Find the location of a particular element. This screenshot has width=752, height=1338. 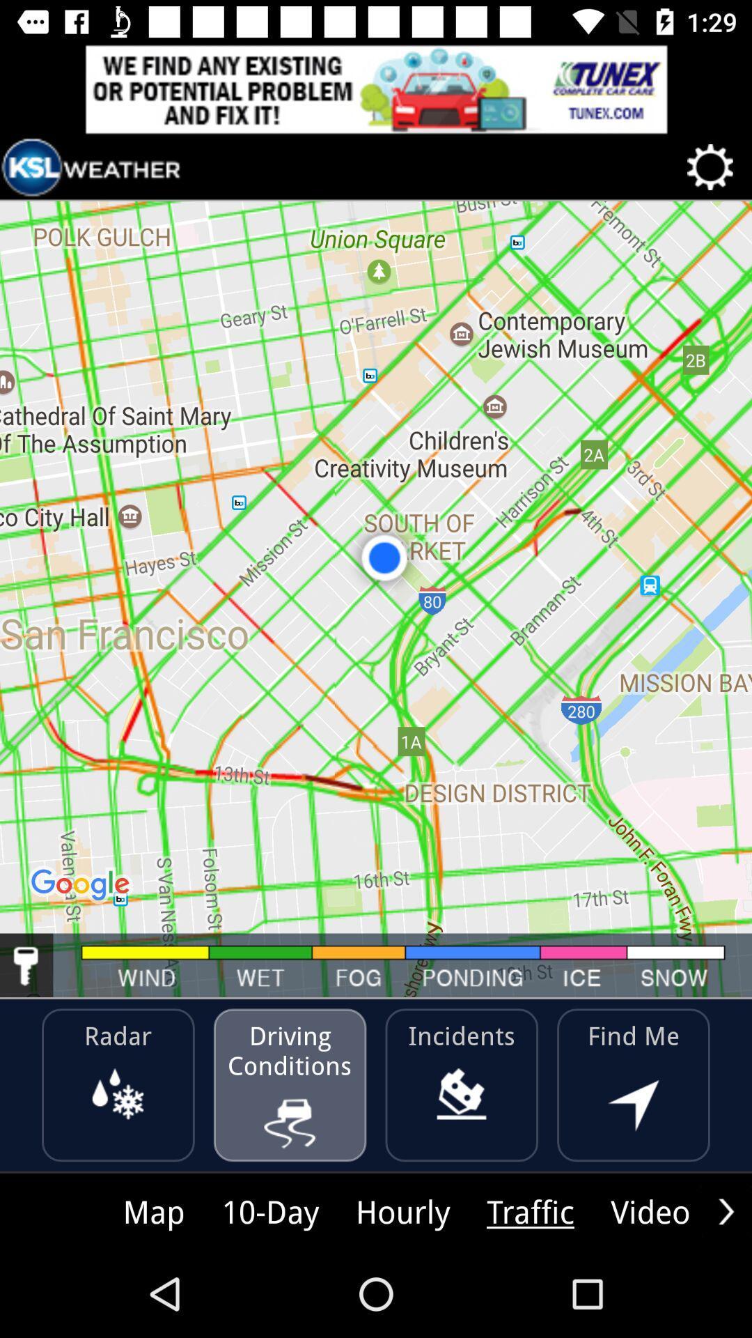

the arrow_forward icon is located at coordinates (726, 1210).